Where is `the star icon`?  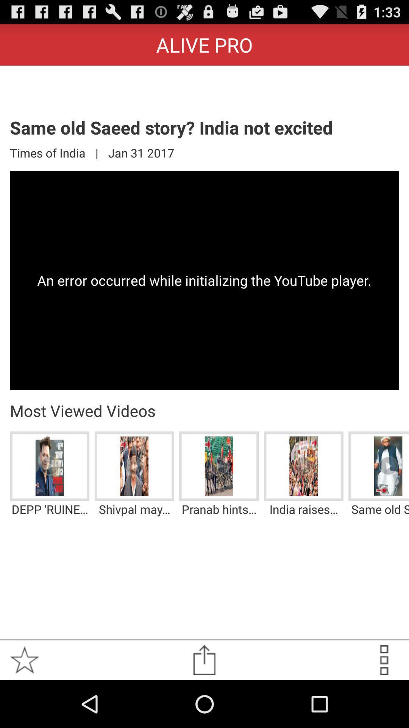 the star icon is located at coordinates (24, 706).